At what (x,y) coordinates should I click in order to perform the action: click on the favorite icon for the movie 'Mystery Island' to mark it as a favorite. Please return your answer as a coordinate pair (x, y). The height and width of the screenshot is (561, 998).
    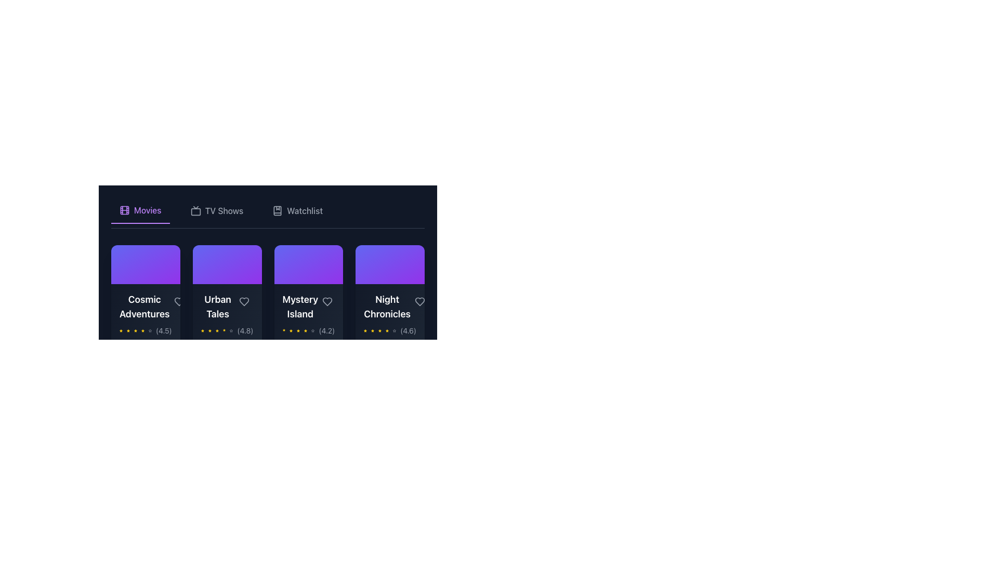
    Looking at the image, I should click on (327, 301).